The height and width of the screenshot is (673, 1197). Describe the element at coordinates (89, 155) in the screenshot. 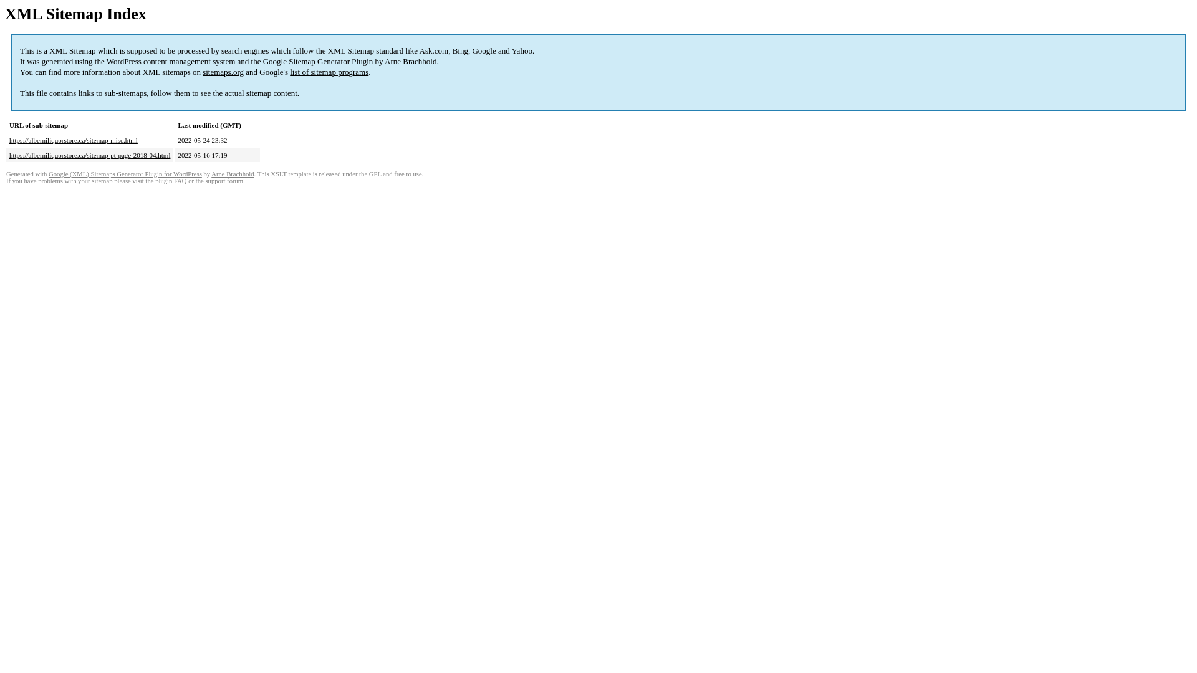

I see `'https://alberniliquorstore.ca/sitemap-pt-page-2018-04.html'` at that location.